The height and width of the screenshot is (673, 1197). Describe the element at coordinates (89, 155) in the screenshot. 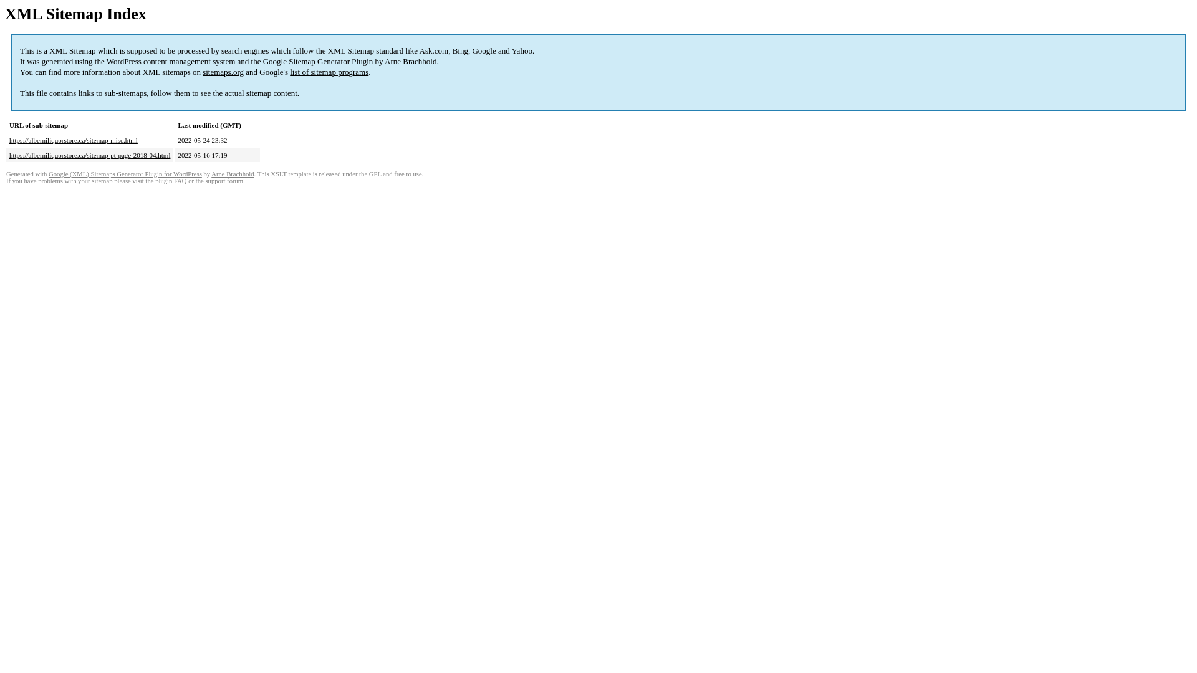

I see `'https://alberniliquorstore.ca/sitemap-pt-page-2018-04.html'` at that location.